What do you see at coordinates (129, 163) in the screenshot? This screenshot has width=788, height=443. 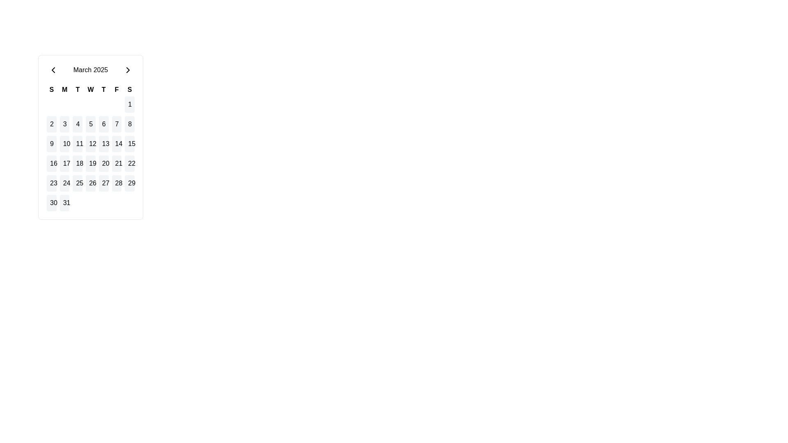 I see `the square button with rounded edges displaying the number '22'` at bounding box center [129, 163].